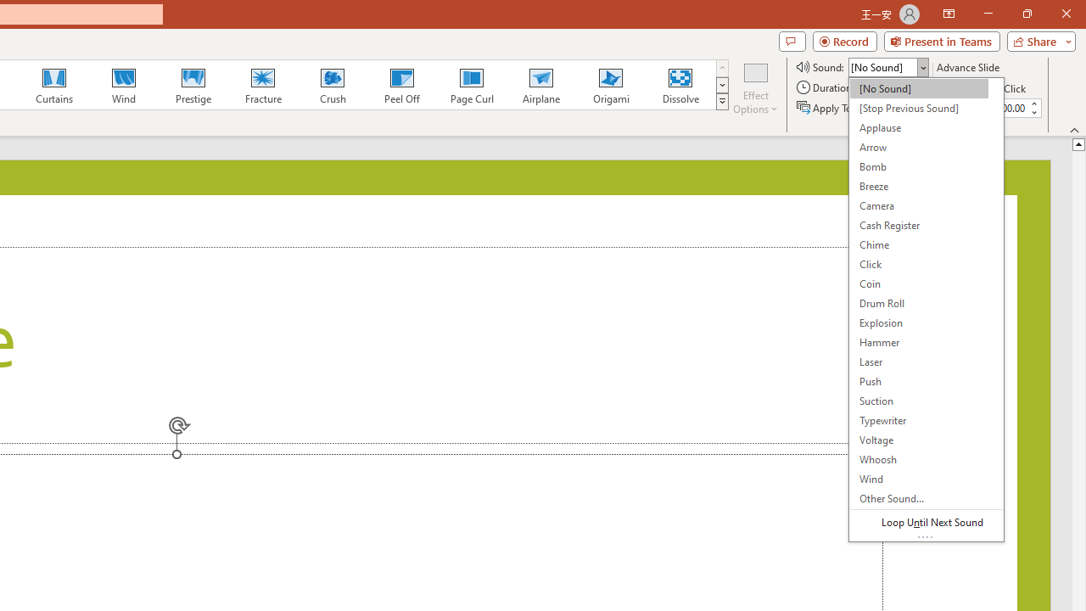 This screenshot has width=1086, height=611. Describe the element at coordinates (193, 85) in the screenshot. I see `'Prestige'` at that location.